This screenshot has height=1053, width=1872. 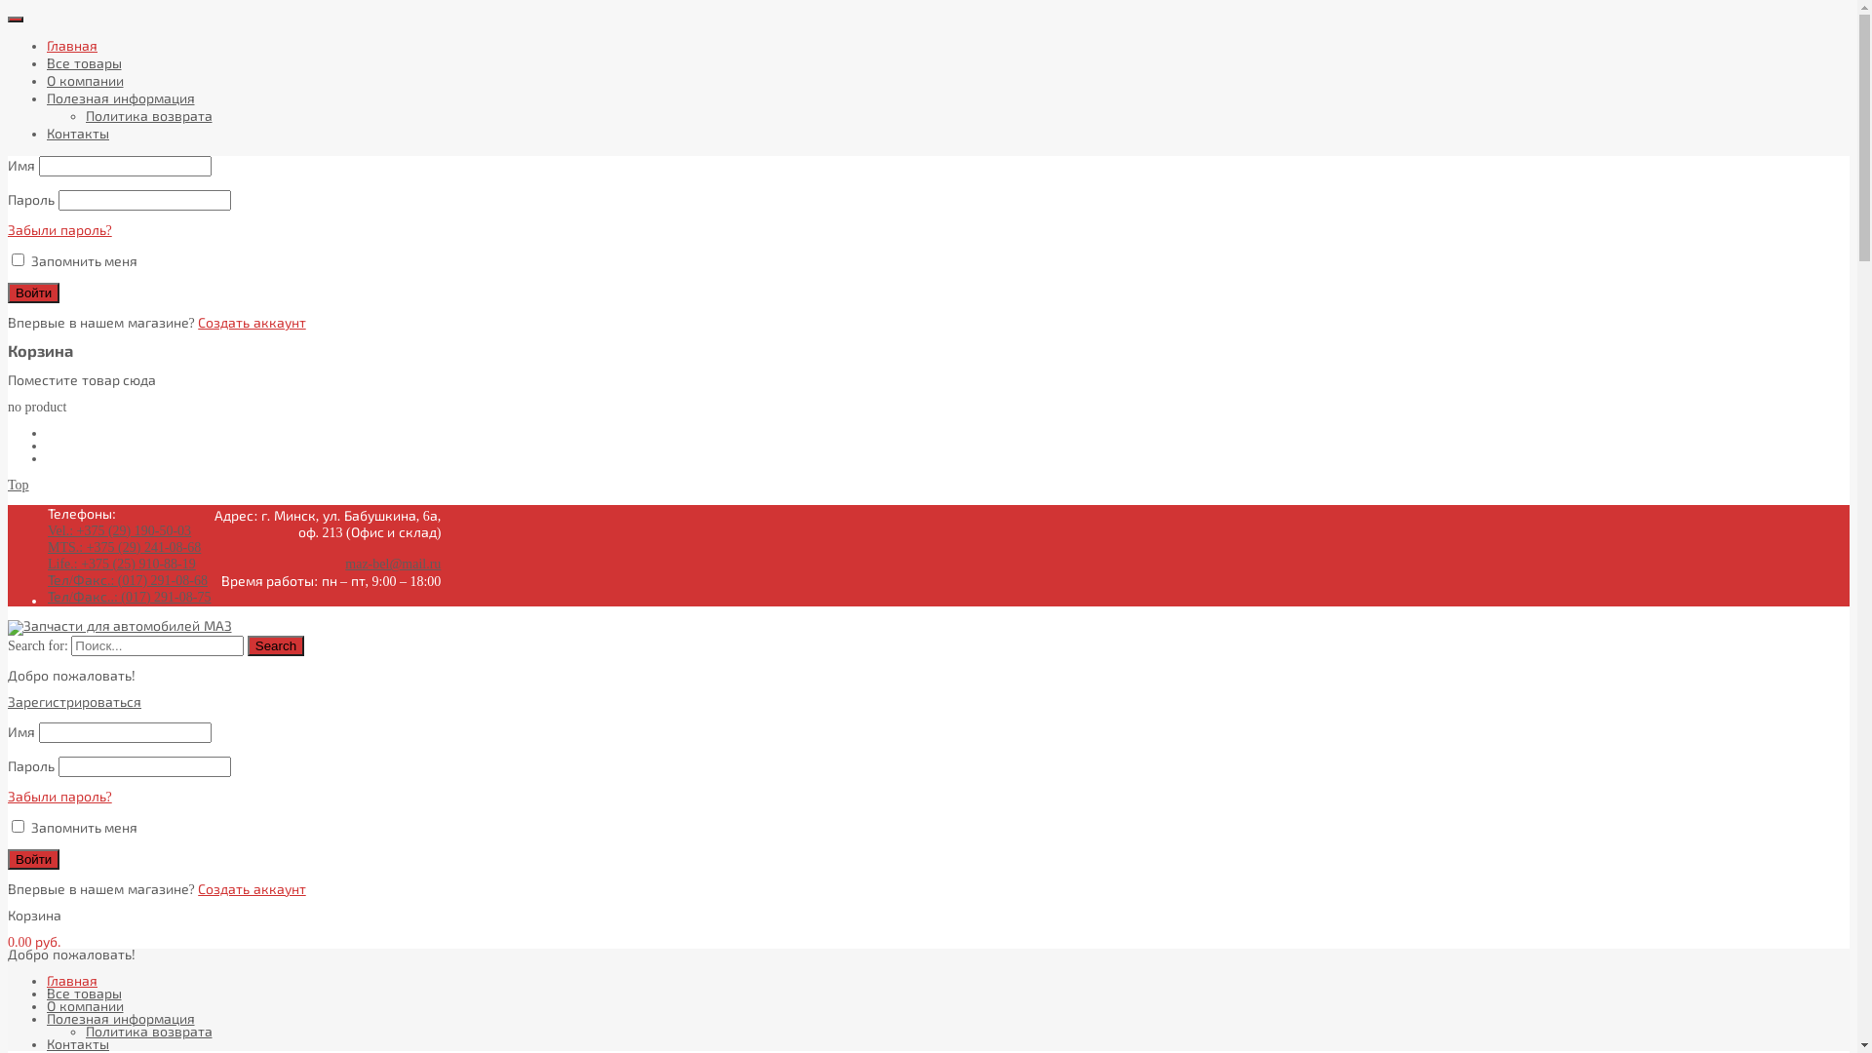 I want to click on 'MTS.: +375 (29) 241-08-68', so click(x=123, y=547).